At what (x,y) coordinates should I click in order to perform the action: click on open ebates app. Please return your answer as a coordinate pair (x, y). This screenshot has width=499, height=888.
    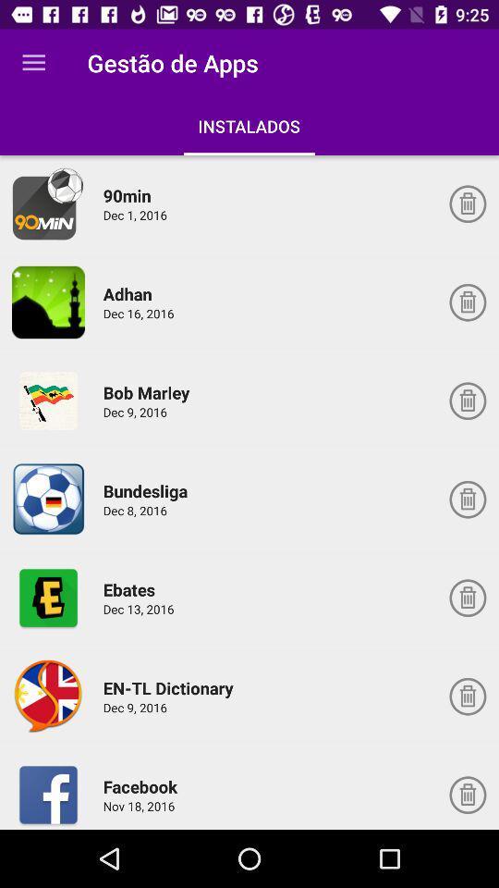
    Looking at the image, I should click on (48, 597).